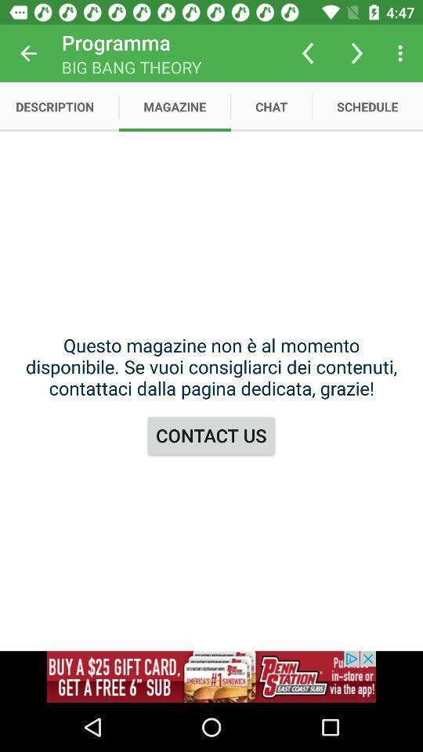  Describe the element at coordinates (367, 106) in the screenshot. I see `text below three dots` at that location.